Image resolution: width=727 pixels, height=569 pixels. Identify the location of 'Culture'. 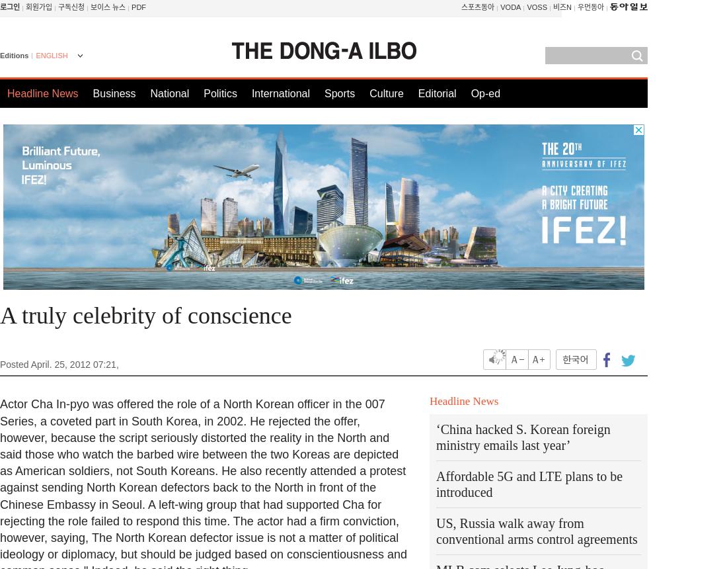
(385, 93).